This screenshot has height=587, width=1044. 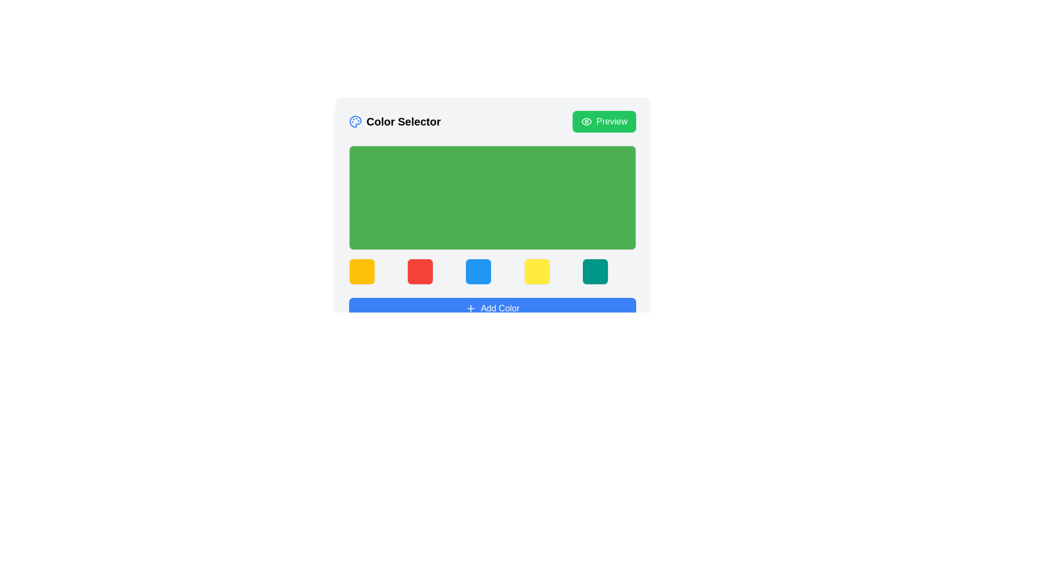 I want to click on the square button with a light blue background, located, so click(x=478, y=271).